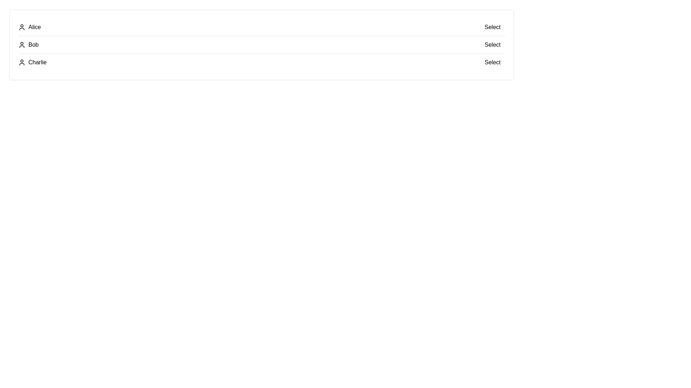  What do you see at coordinates (22, 45) in the screenshot?
I see `the user icon corresponding to Bob` at bounding box center [22, 45].